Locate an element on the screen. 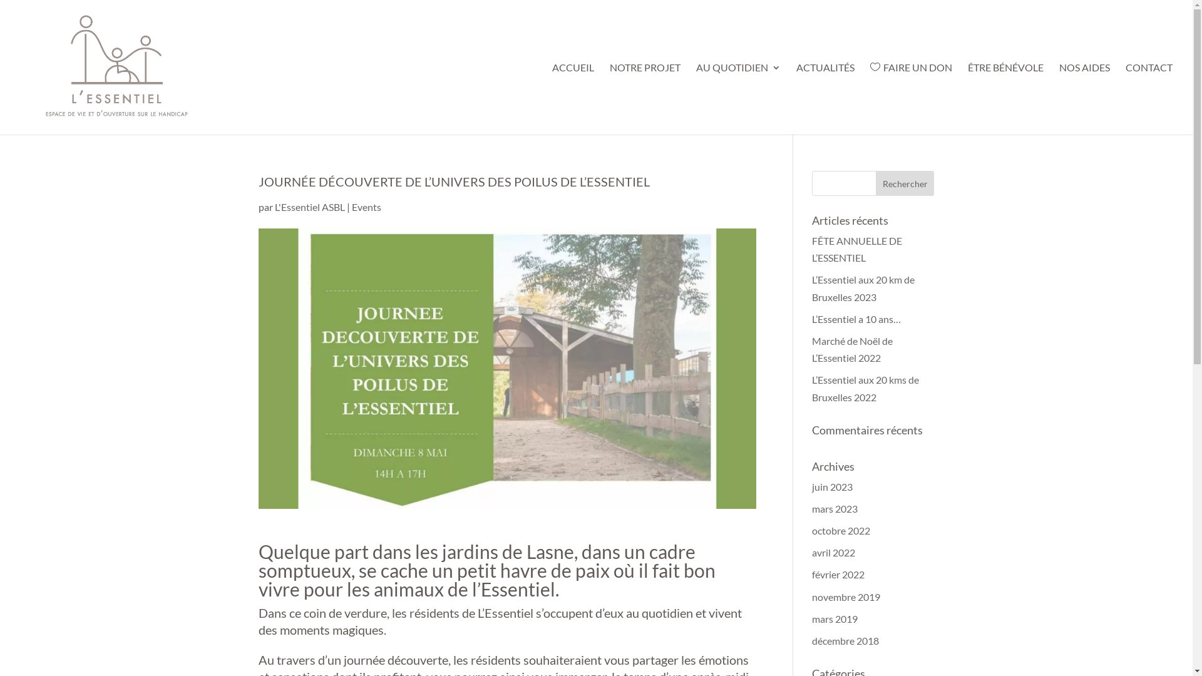 This screenshot has width=1202, height=676. 'mars 2023' is located at coordinates (835, 508).